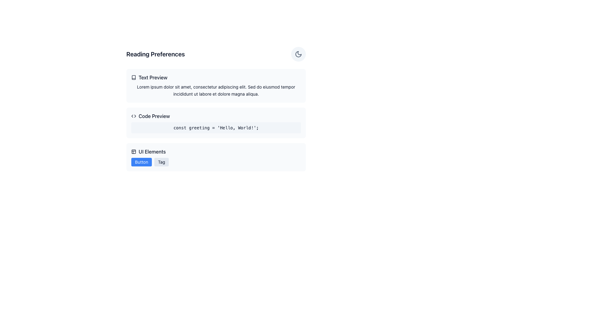  What do you see at coordinates (298, 54) in the screenshot?
I see `the theme switch icon located at the top-right corner of the interface, encapsulated within a rounded button` at bounding box center [298, 54].